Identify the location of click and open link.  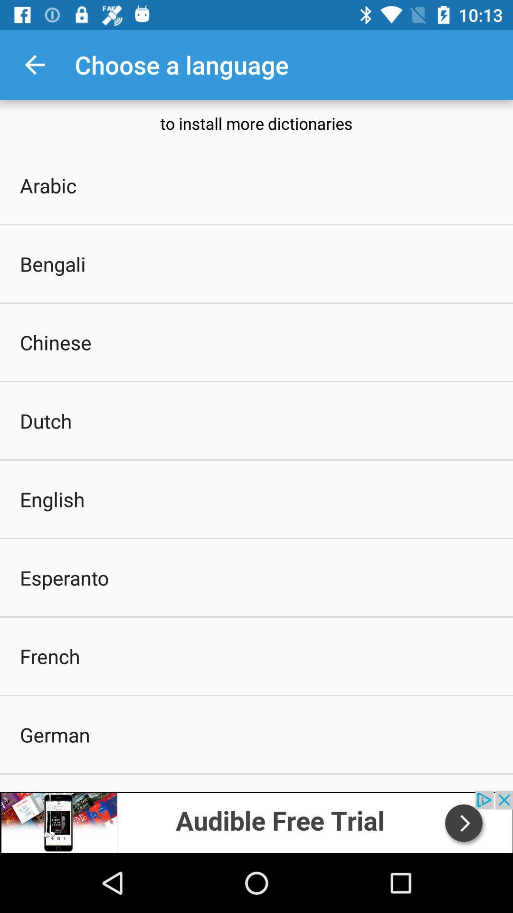
(256, 821).